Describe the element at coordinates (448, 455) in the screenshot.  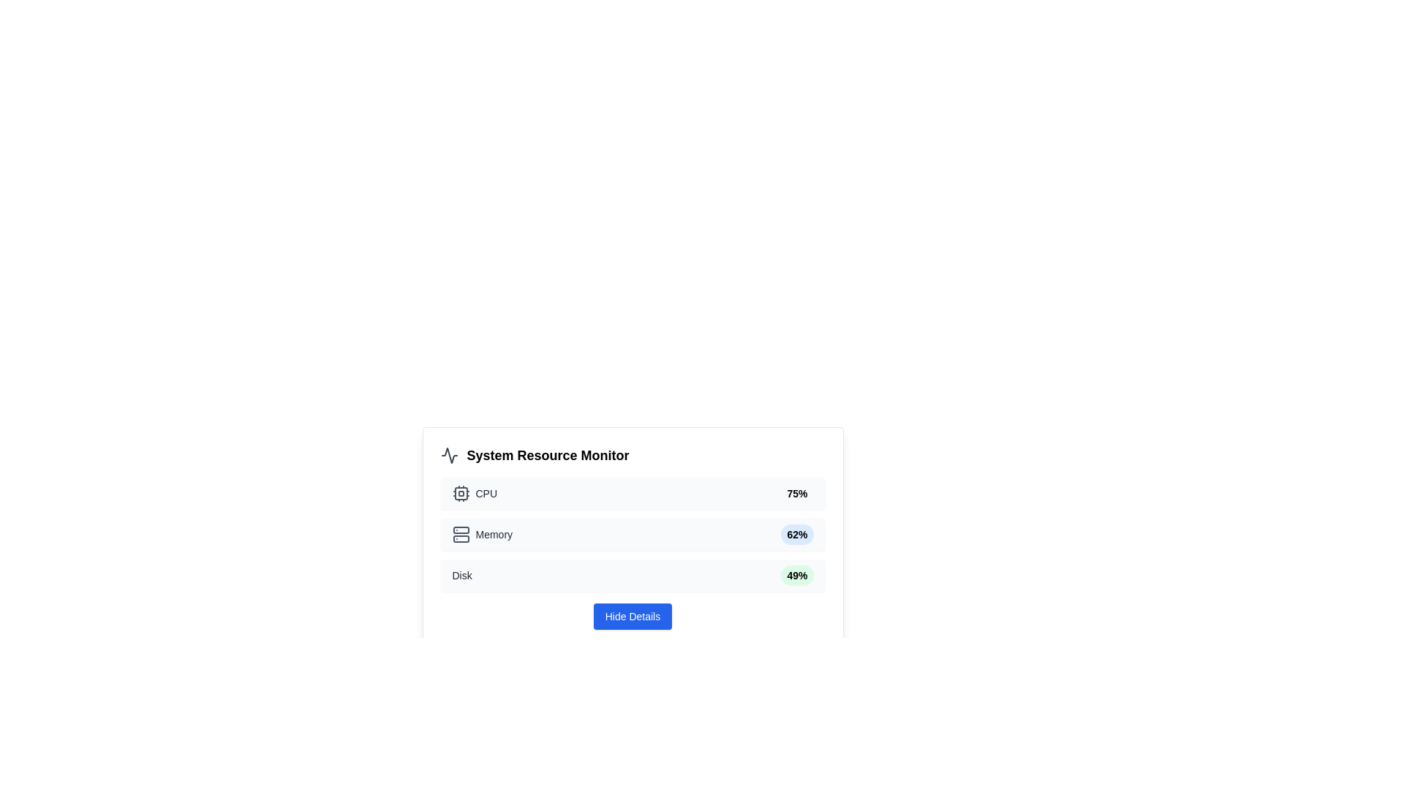
I see `the Vector graphic icon that visually represents system activity monitoring, located next to the 'System Resource Monitor' label` at that location.